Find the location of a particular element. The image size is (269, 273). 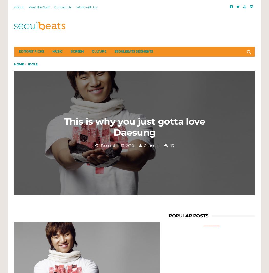

'TV/Variety' is located at coordinates (54, 130).